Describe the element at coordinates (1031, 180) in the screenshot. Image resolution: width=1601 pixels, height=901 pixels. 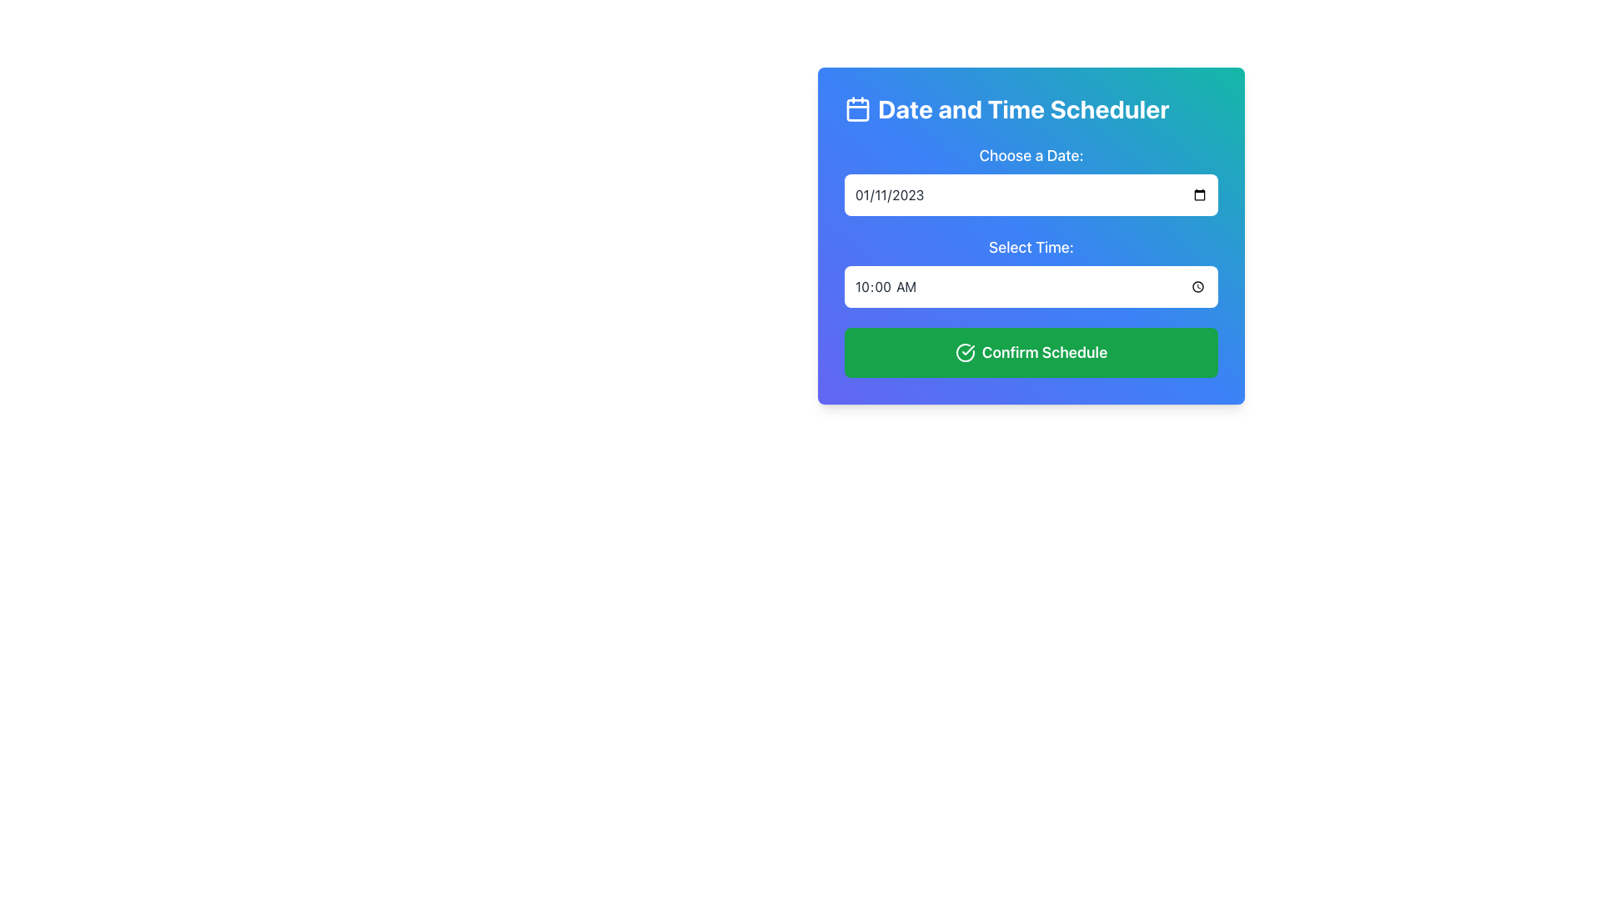
I see `the label that serves as a descriptor for the date input field, positioned directly above the 'Select Time:' label in the 'Date and Time Scheduler' panel` at that location.